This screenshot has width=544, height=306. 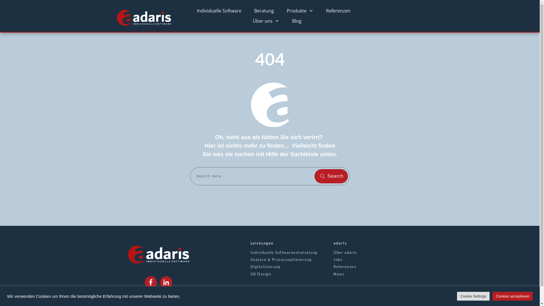 I want to click on 'adaris-a-weiss', so click(x=269, y=105).